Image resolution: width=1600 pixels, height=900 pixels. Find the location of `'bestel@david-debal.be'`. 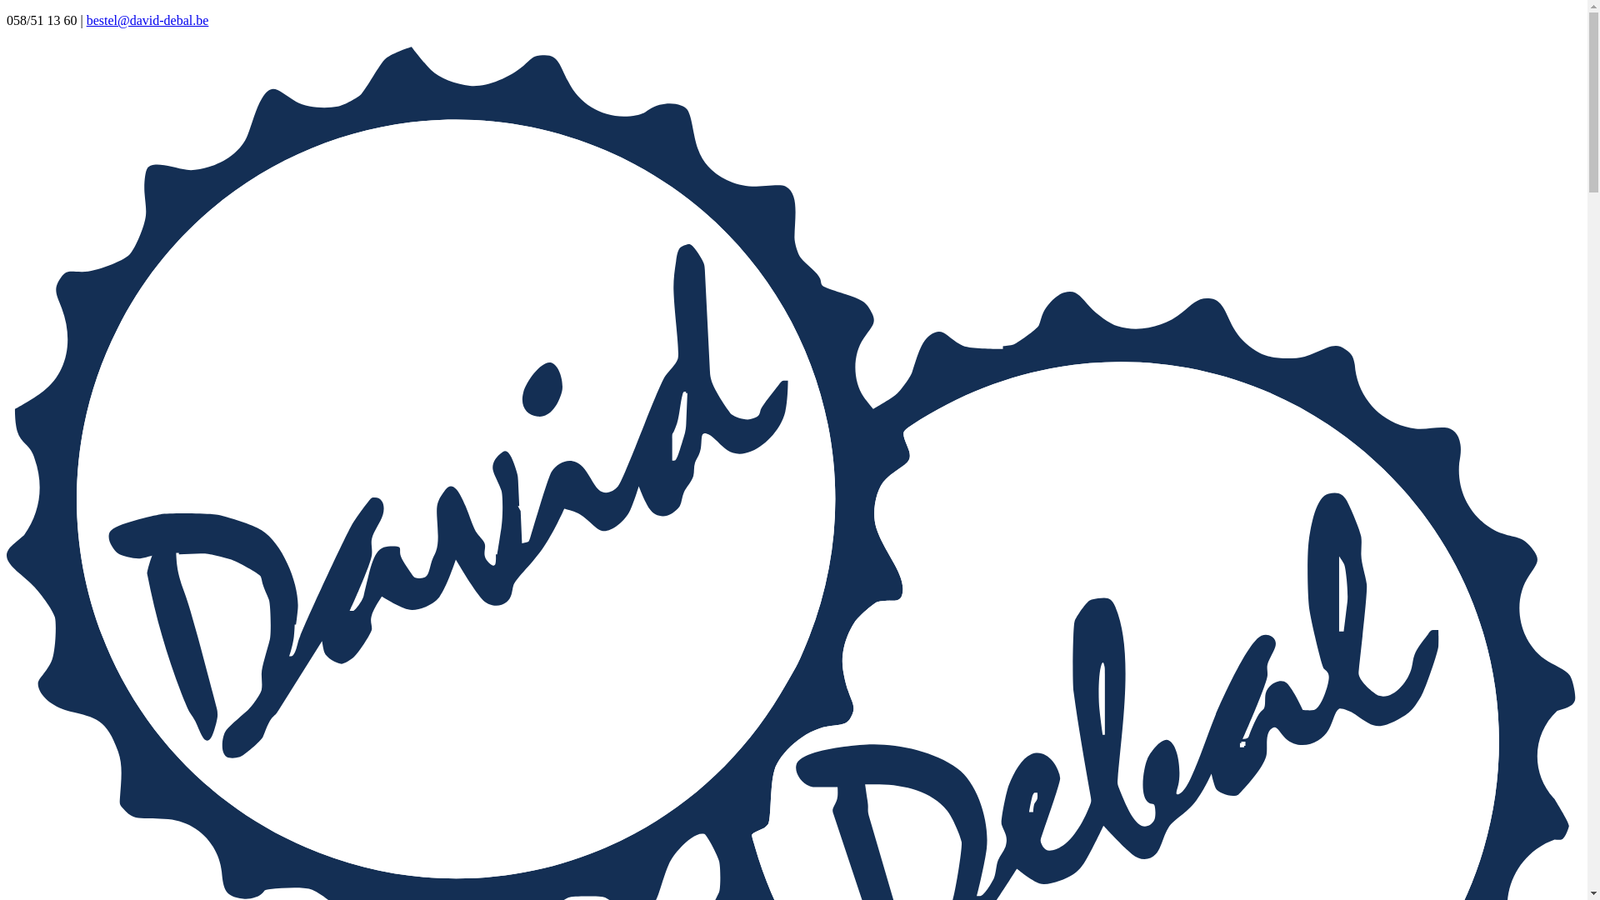

'bestel@david-debal.be' is located at coordinates (147, 20).